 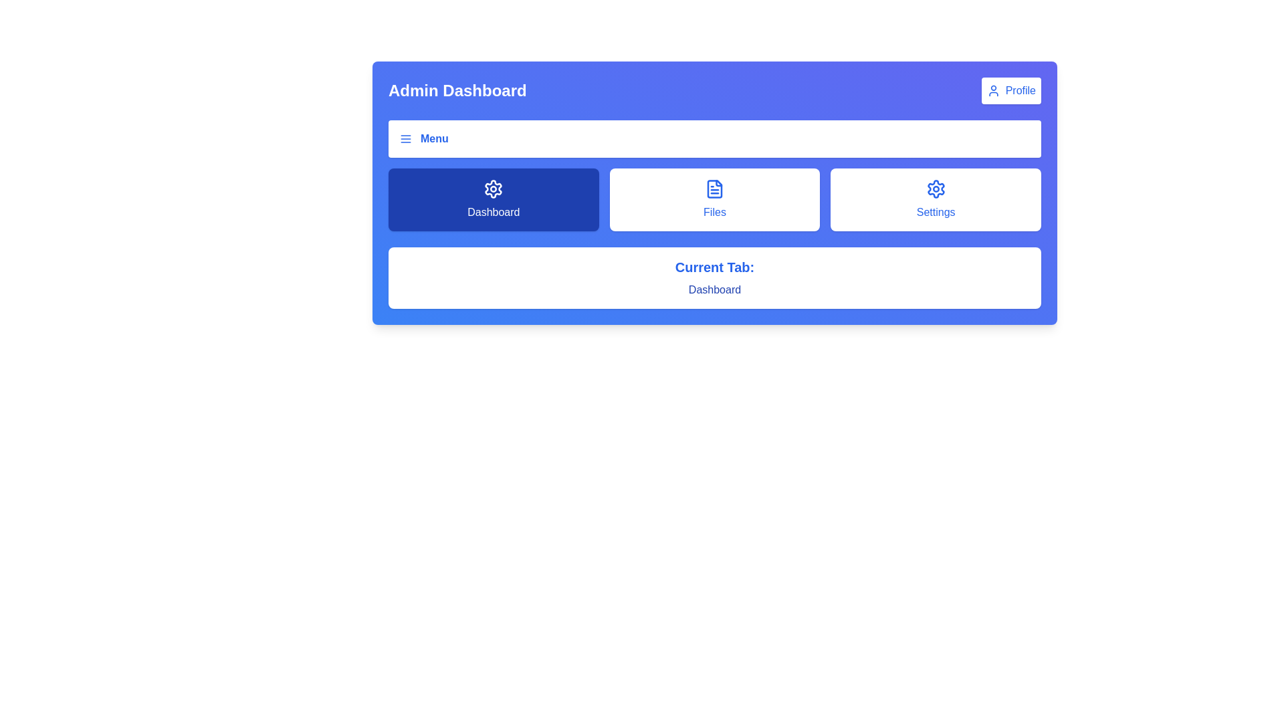 I want to click on the circular gear-shaped icon with a blue stroke outline located within the 'Settings' button, so click(x=935, y=189).